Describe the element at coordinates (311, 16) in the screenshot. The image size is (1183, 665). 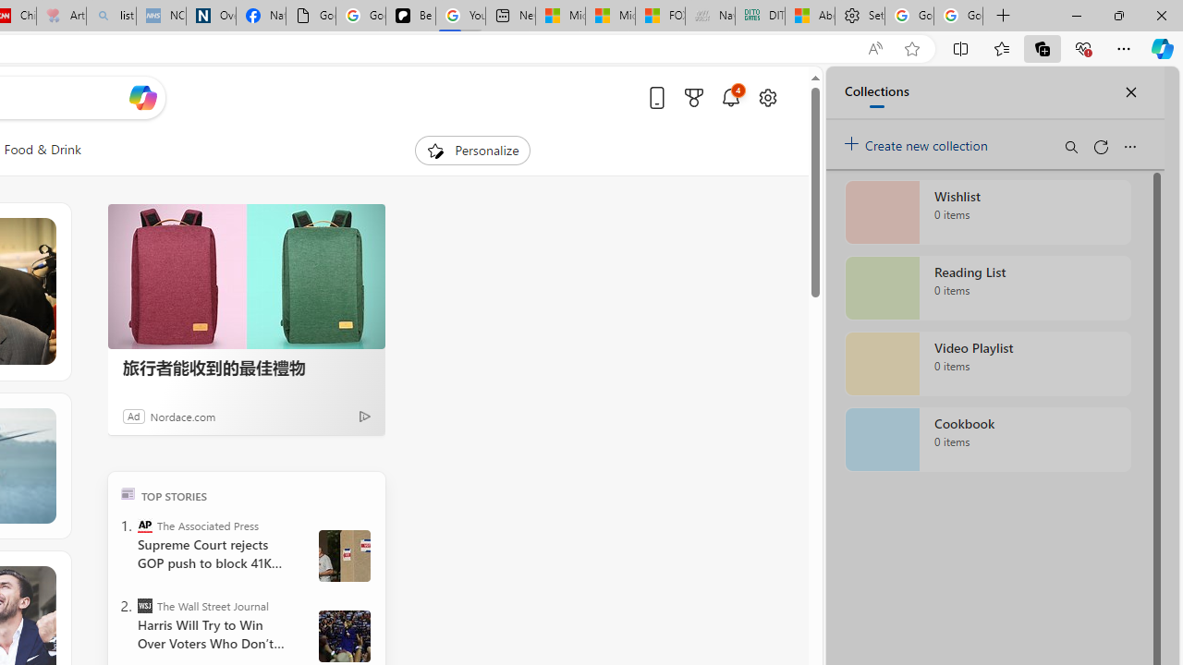
I see `'Google Analytics Opt-out Browser Add-on Download Page'` at that location.